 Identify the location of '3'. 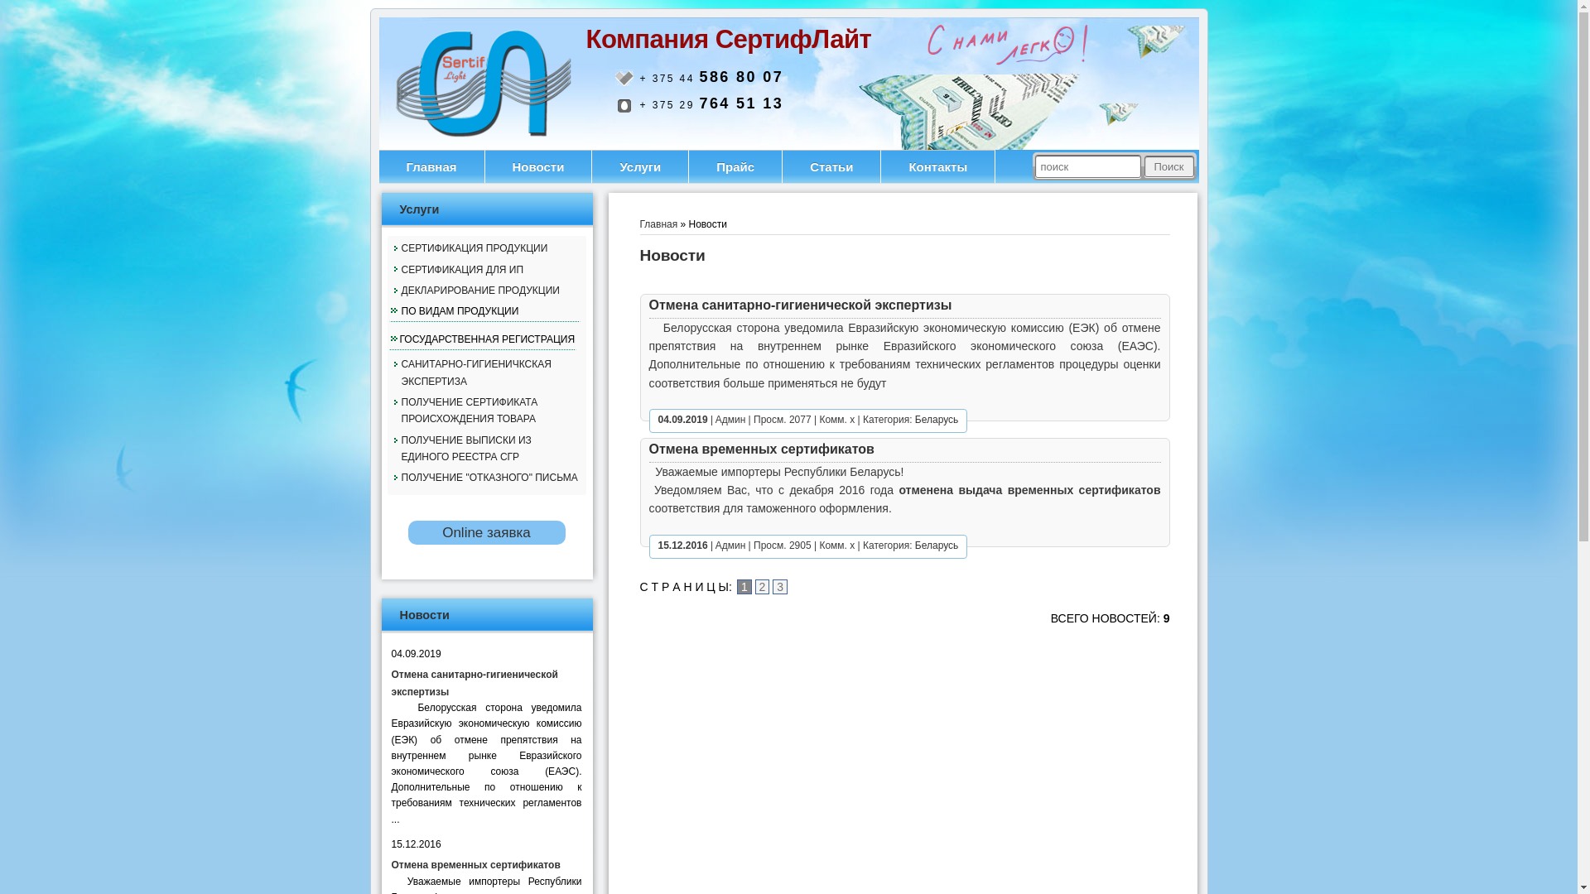
(778, 586).